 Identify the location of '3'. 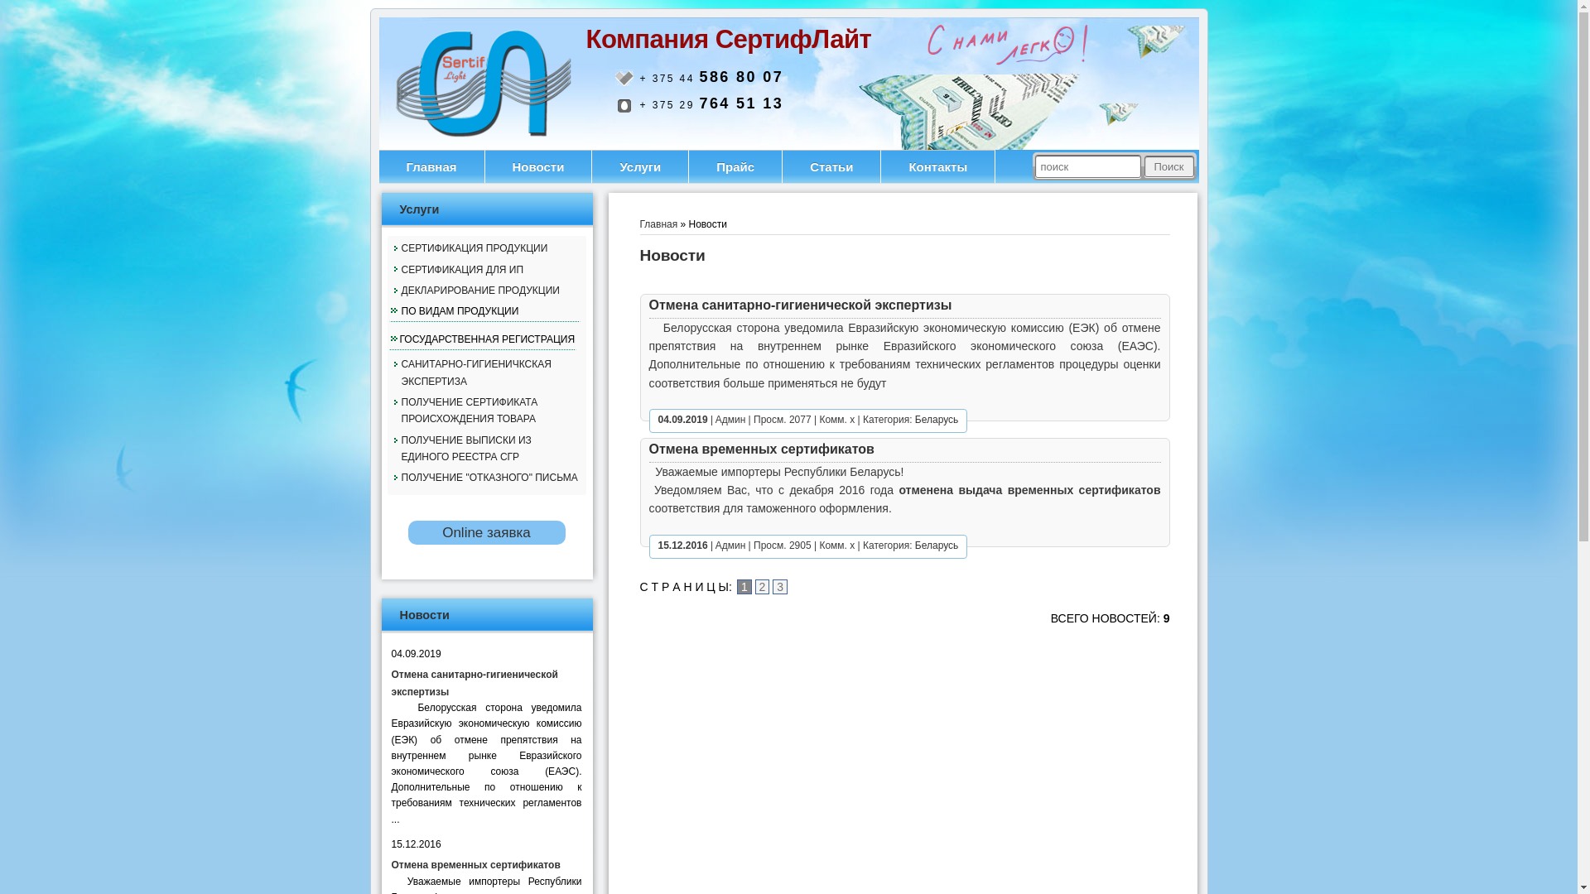
(778, 586).